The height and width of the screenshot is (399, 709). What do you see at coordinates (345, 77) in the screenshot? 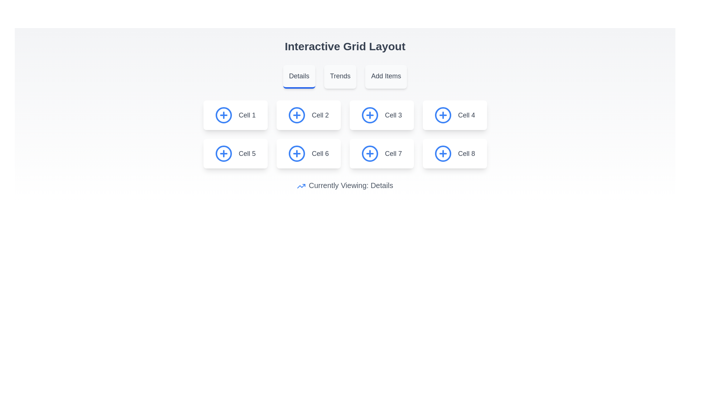
I see `the middle button in the navigation menu below the title 'Interactive Grid Layout'` at bounding box center [345, 77].